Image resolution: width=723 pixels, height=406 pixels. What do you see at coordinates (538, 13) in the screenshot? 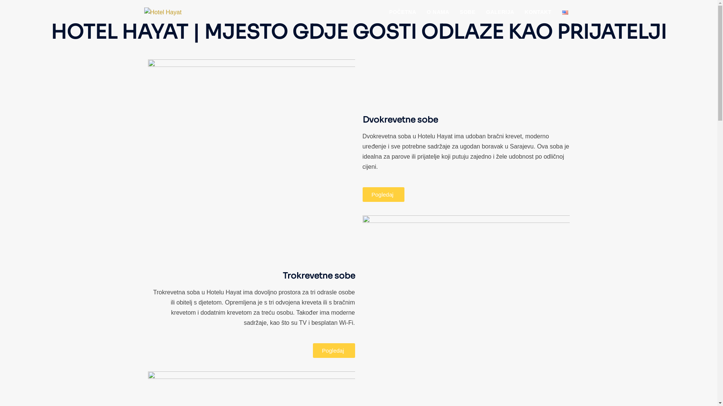
I see `'KONTAKT'` at bounding box center [538, 13].